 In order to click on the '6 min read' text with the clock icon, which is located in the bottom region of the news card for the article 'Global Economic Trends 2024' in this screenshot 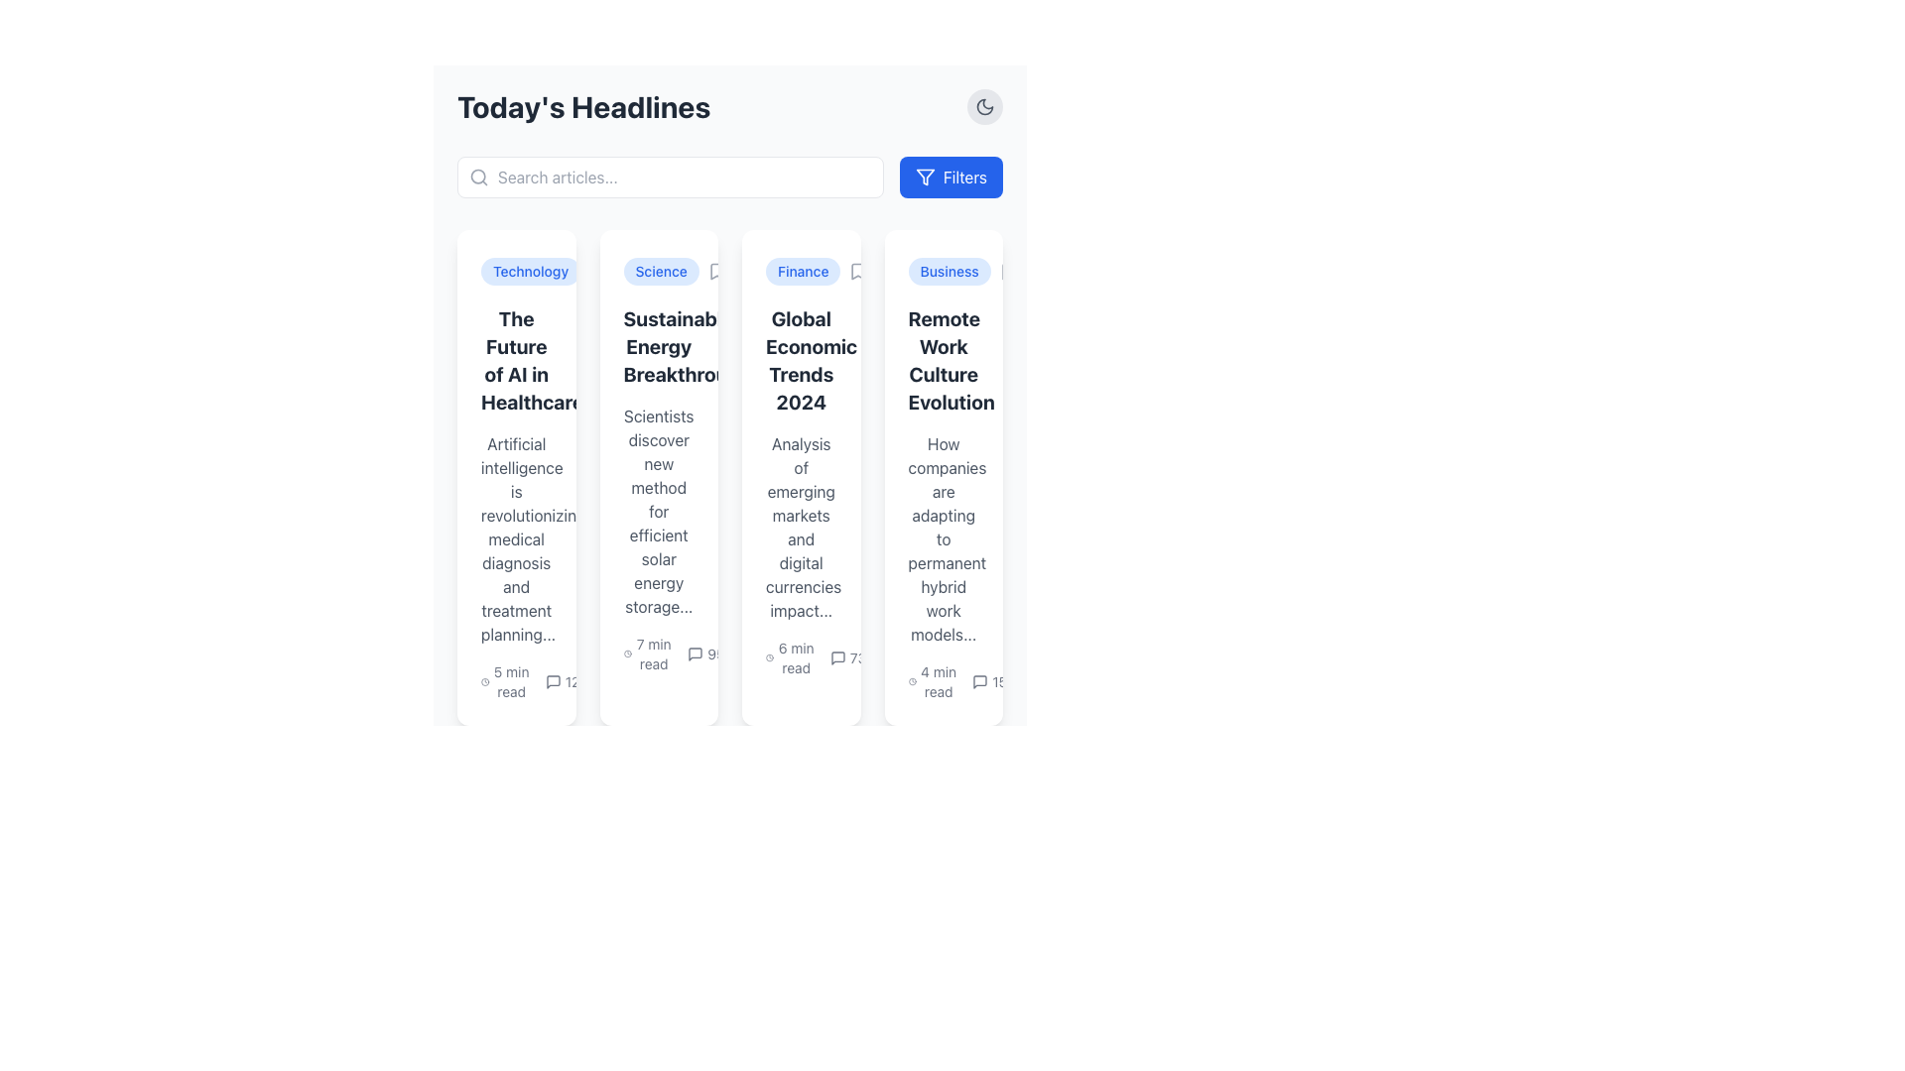, I will do `click(789, 657)`.